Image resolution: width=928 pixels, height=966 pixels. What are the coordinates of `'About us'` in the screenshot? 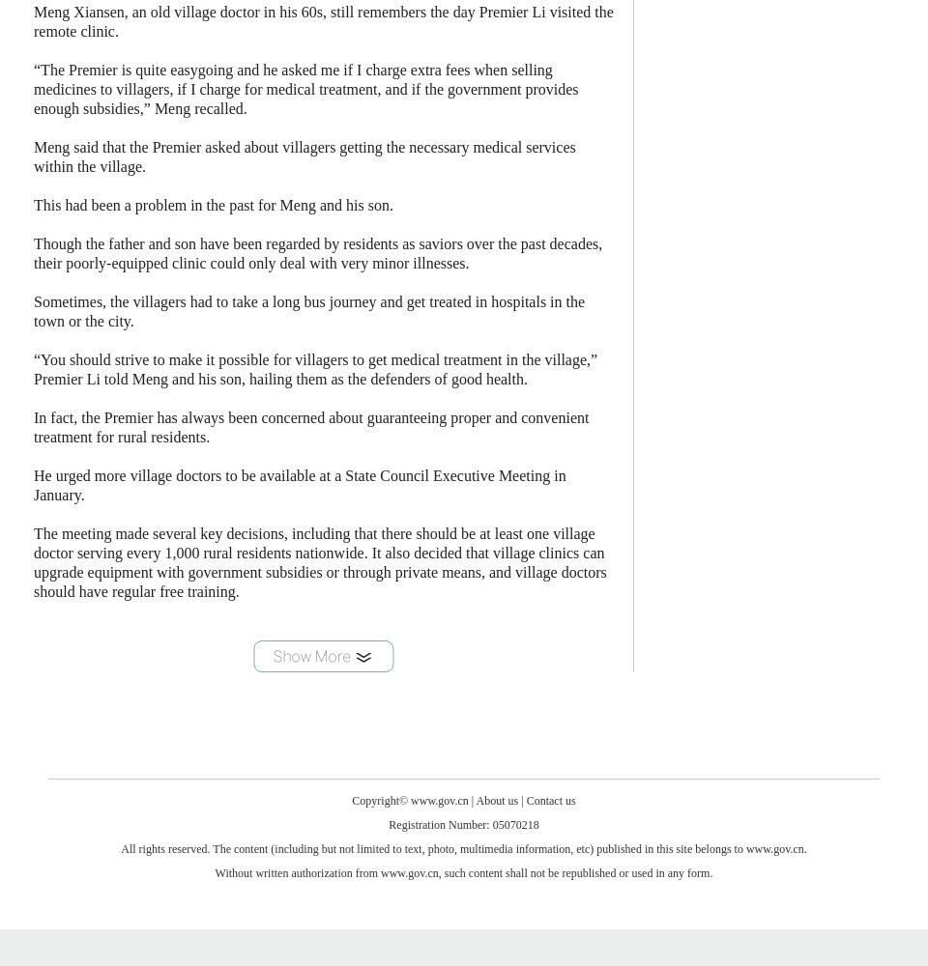 It's located at (495, 800).